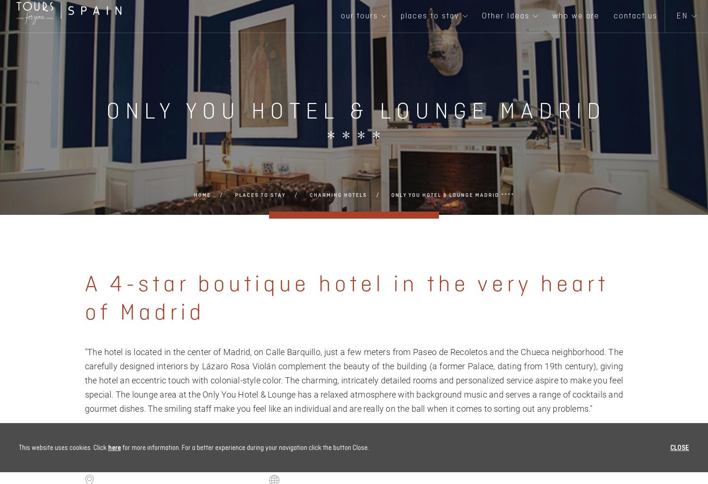 This screenshot has height=484, width=708. Describe the element at coordinates (260, 195) in the screenshot. I see `'places to stay'` at that location.